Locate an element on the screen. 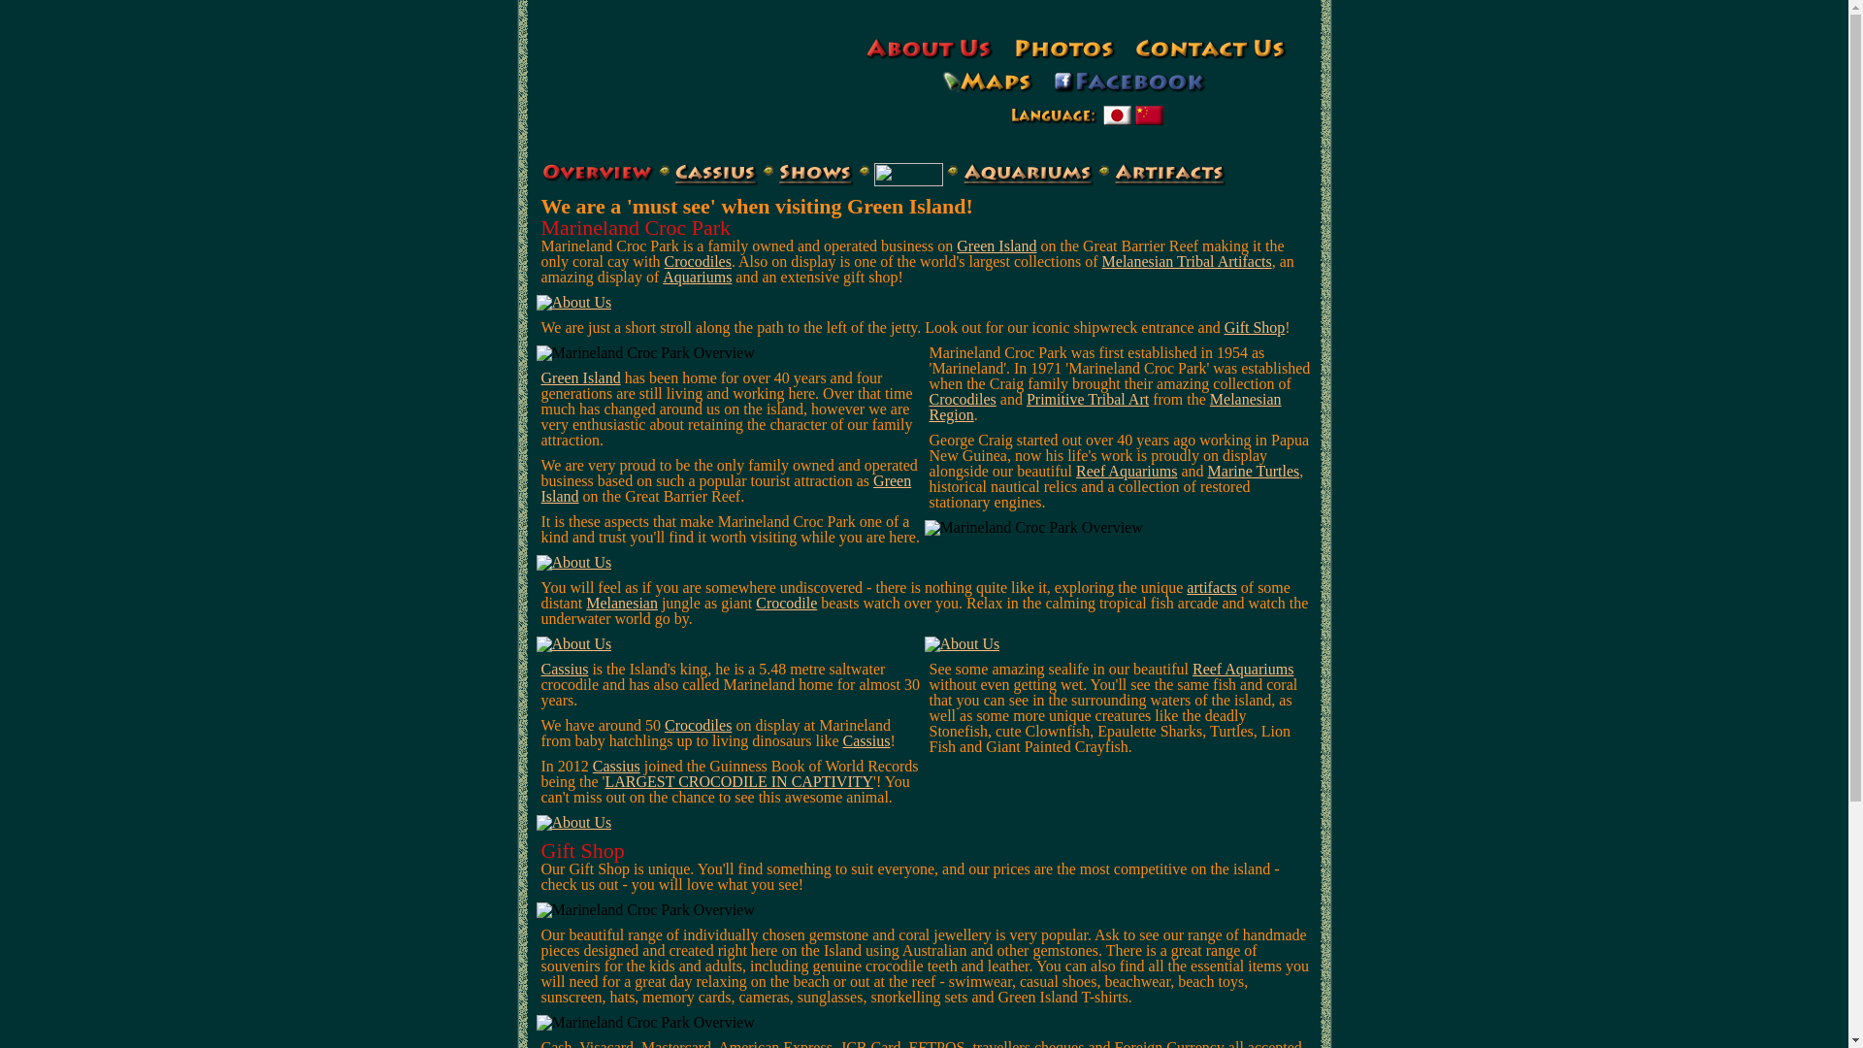  'Aquariums' is located at coordinates (697, 277).